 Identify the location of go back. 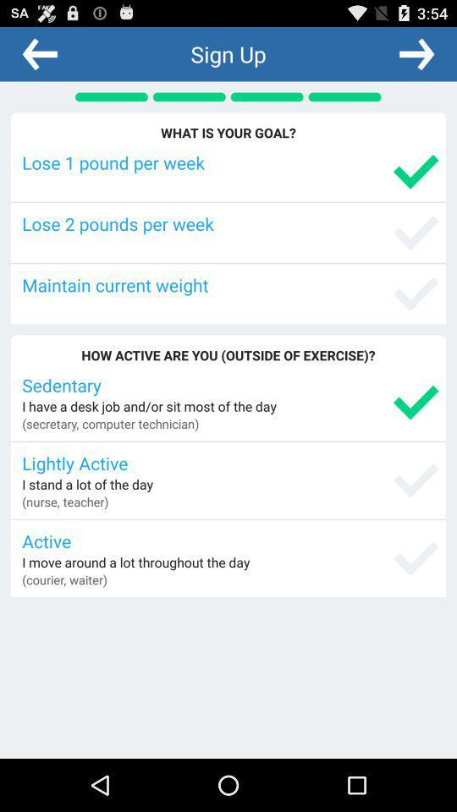
(40, 53).